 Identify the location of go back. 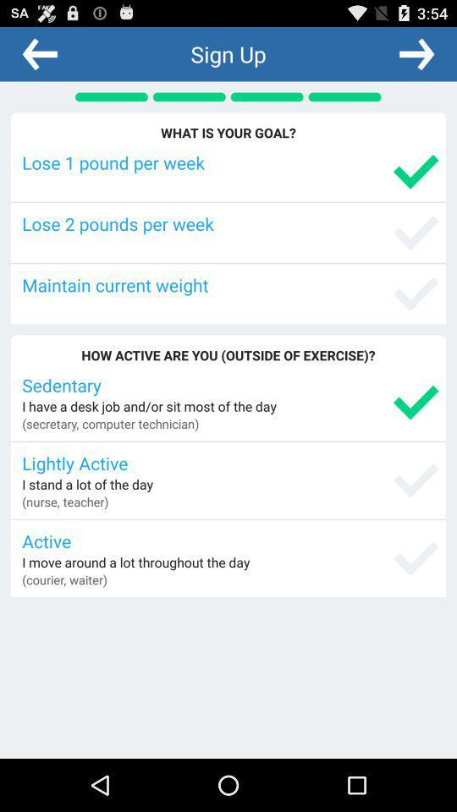
(40, 53).